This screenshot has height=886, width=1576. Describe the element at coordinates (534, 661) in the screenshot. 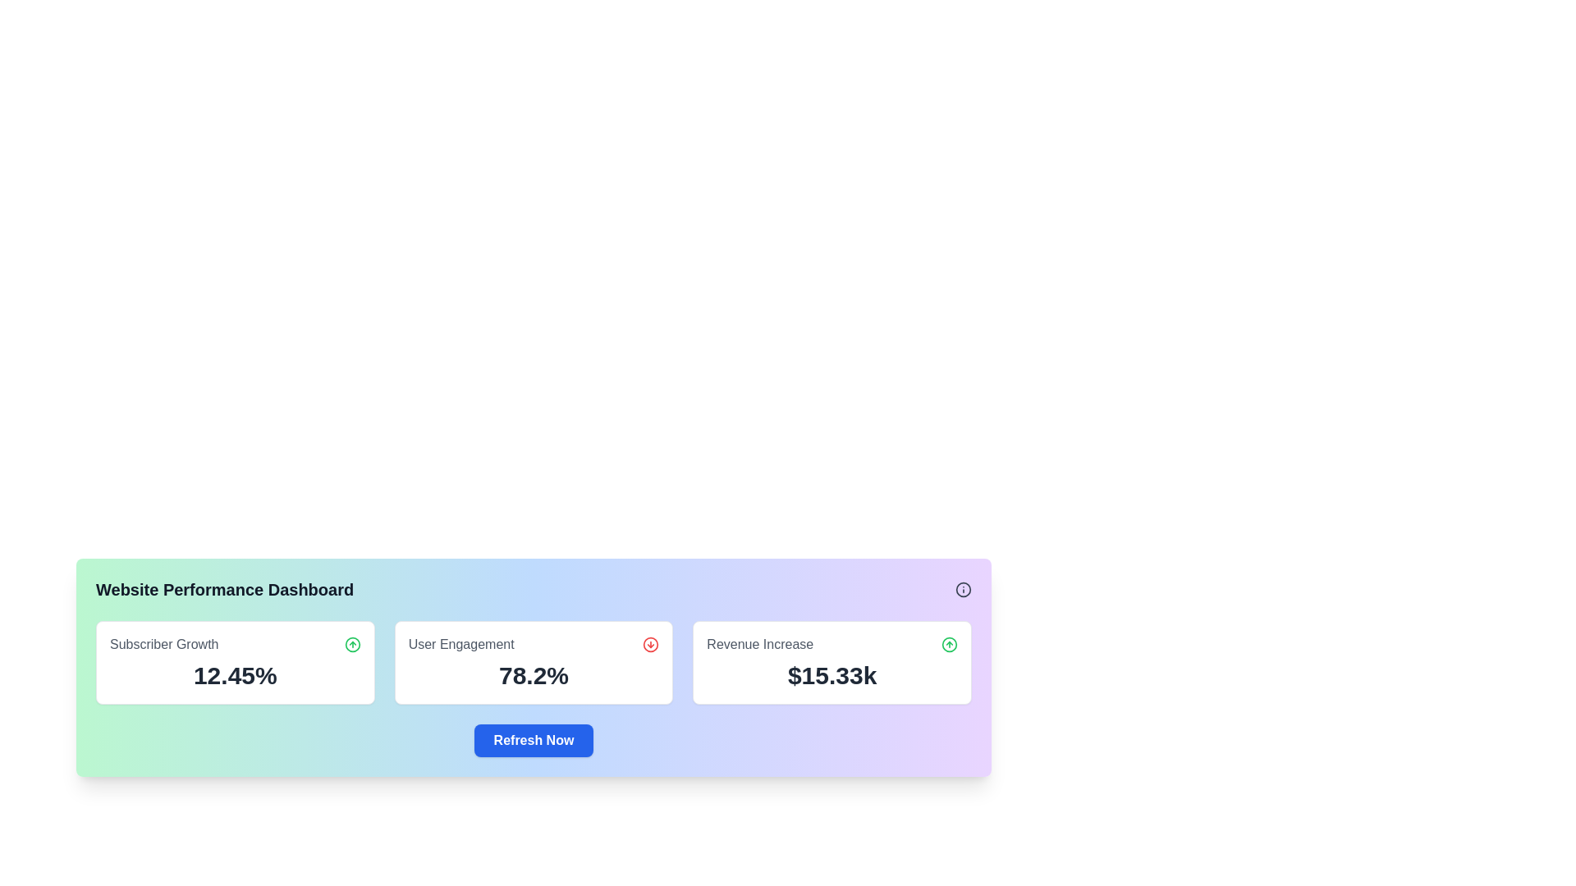

I see `the 'User Engagement' display card, which shows a percentage value for metrics in the performance dashboard, positioned between the 'Subscriber Growth' and 'Revenue Increase' cards` at that location.